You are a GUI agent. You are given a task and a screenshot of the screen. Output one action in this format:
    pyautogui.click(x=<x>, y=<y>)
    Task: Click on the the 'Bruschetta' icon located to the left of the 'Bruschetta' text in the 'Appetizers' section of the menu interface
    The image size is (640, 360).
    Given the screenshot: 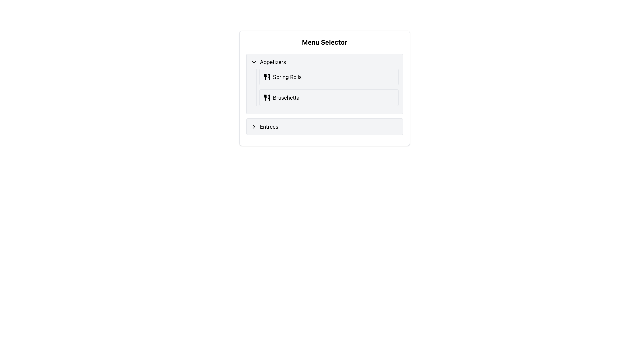 What is the action you would take?
    pyautogui.click(x=267, y=98)
    